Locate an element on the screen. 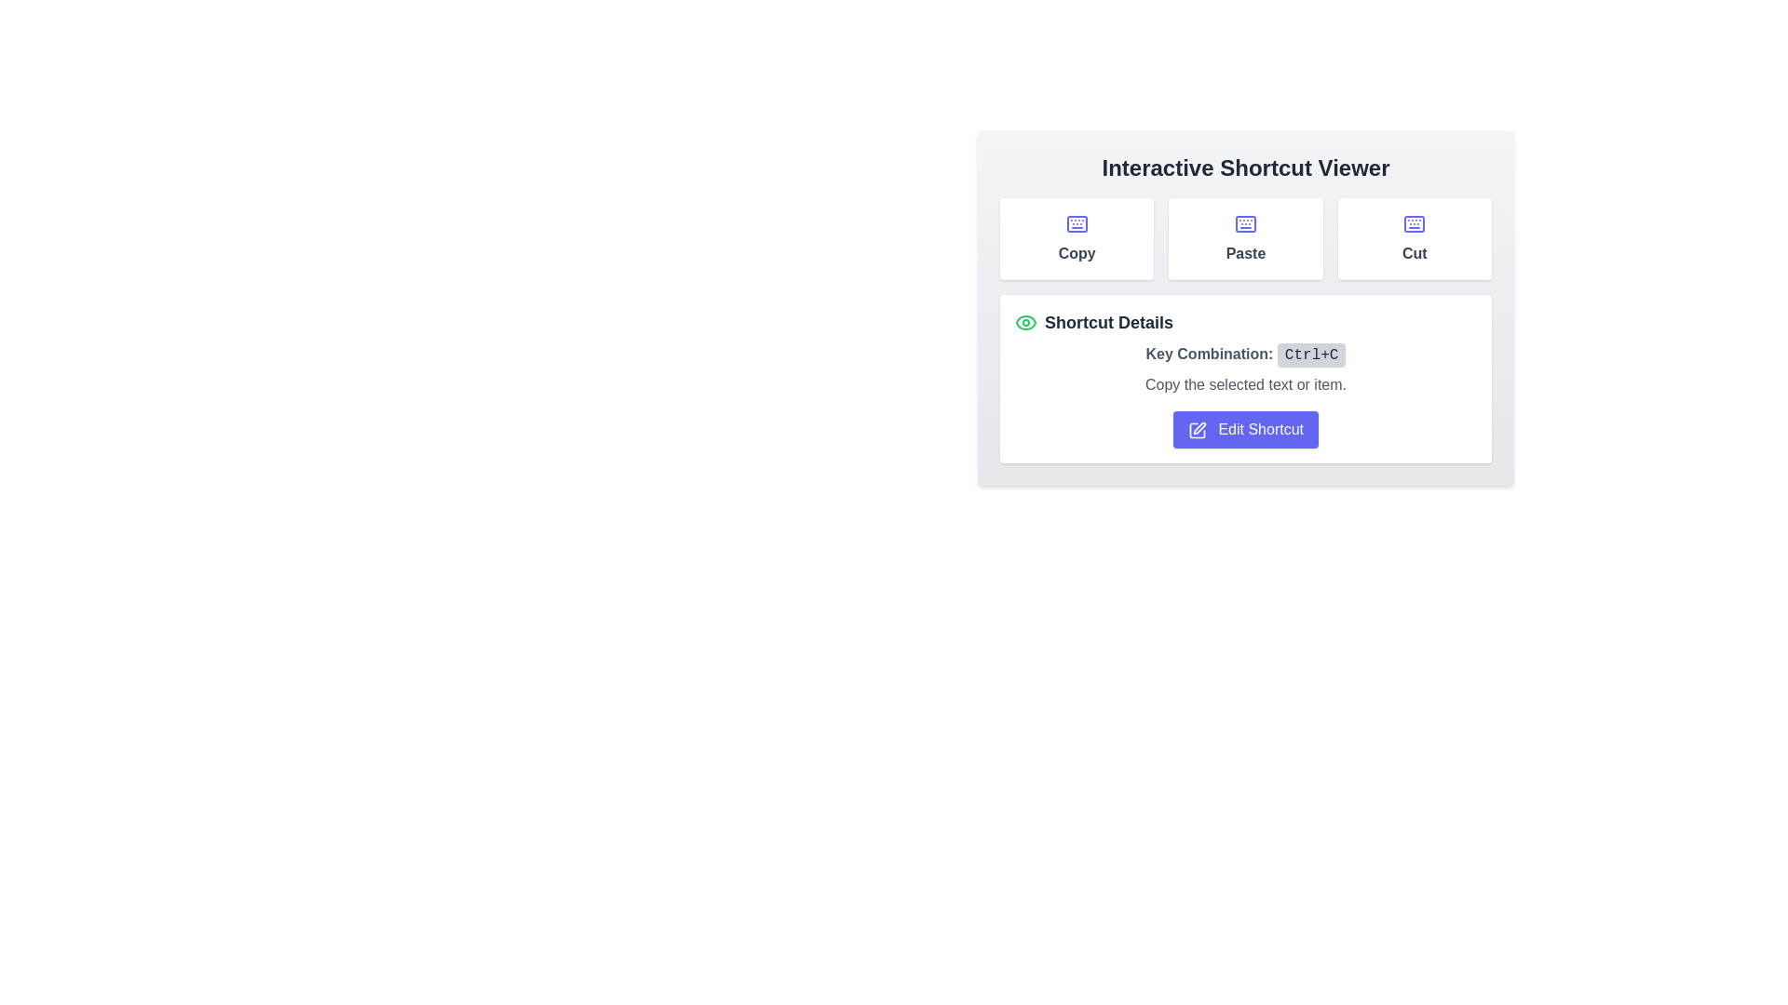 The height and width of the screenshot is (1005, 1788). the edit button located in the bottom section of the panel is located at coordinates (1246, 430).